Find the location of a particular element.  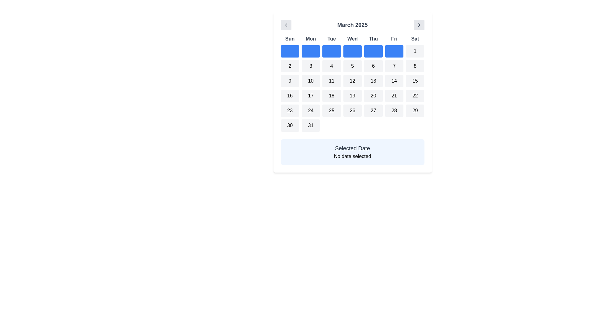

the blue rectangular button or selectable grid cell located in the first row of the calendar under 'Mon' is located at coordinates (311, 51).